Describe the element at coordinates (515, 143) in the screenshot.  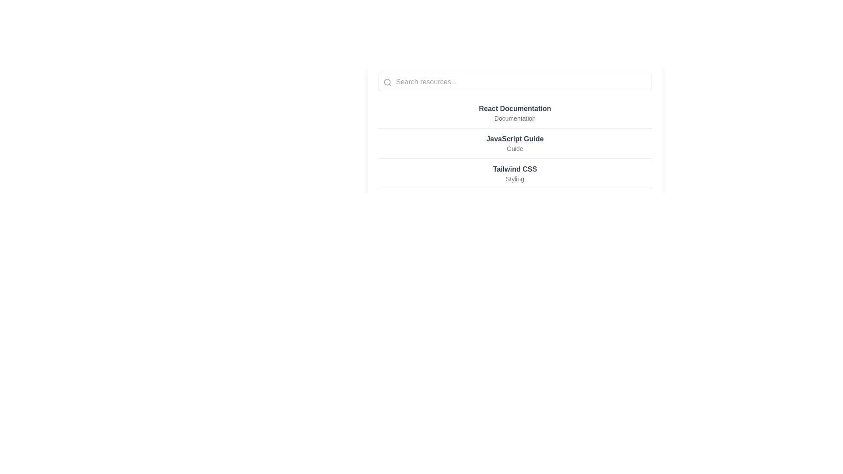
I see `the second item in the vertical list which serves as a clickable link` at that location.